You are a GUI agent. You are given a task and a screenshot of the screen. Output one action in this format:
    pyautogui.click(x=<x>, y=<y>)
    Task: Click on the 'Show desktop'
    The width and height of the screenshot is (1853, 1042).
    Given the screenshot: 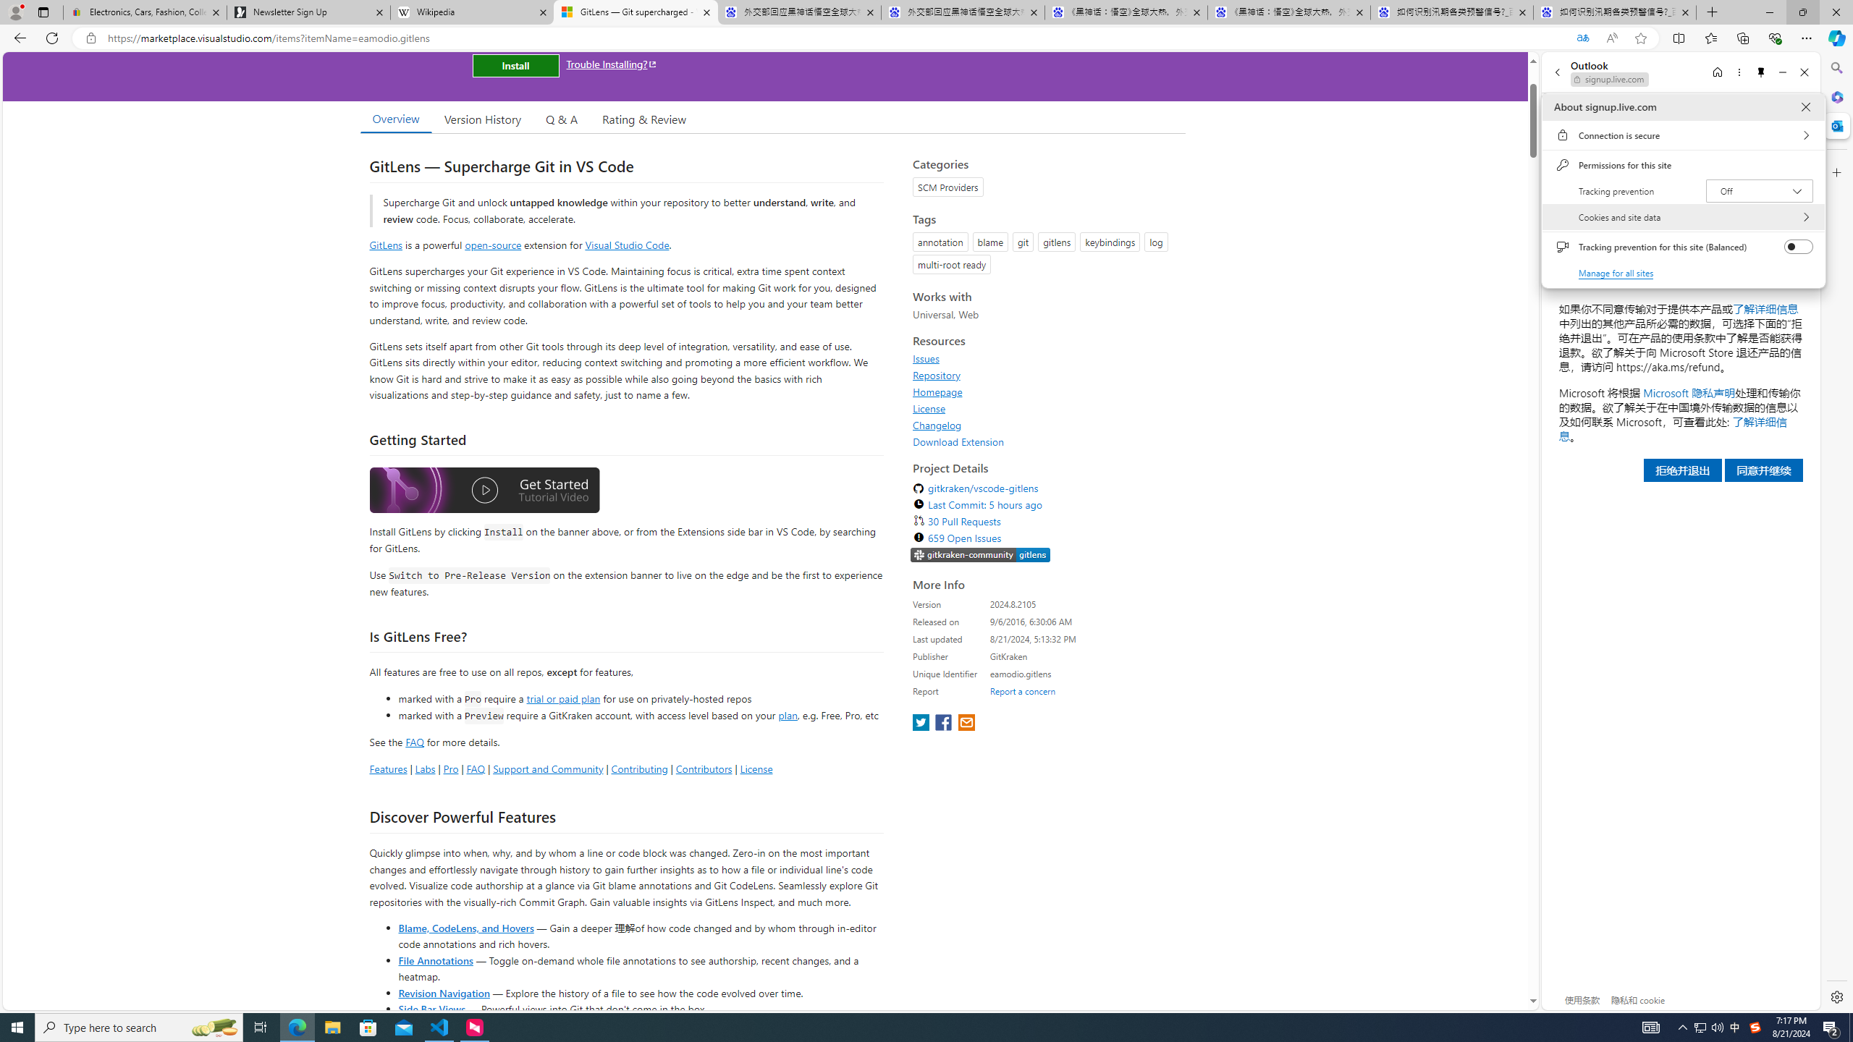 What is the action you would take?
    pyautogui.click(x=1850, y=1026)
    